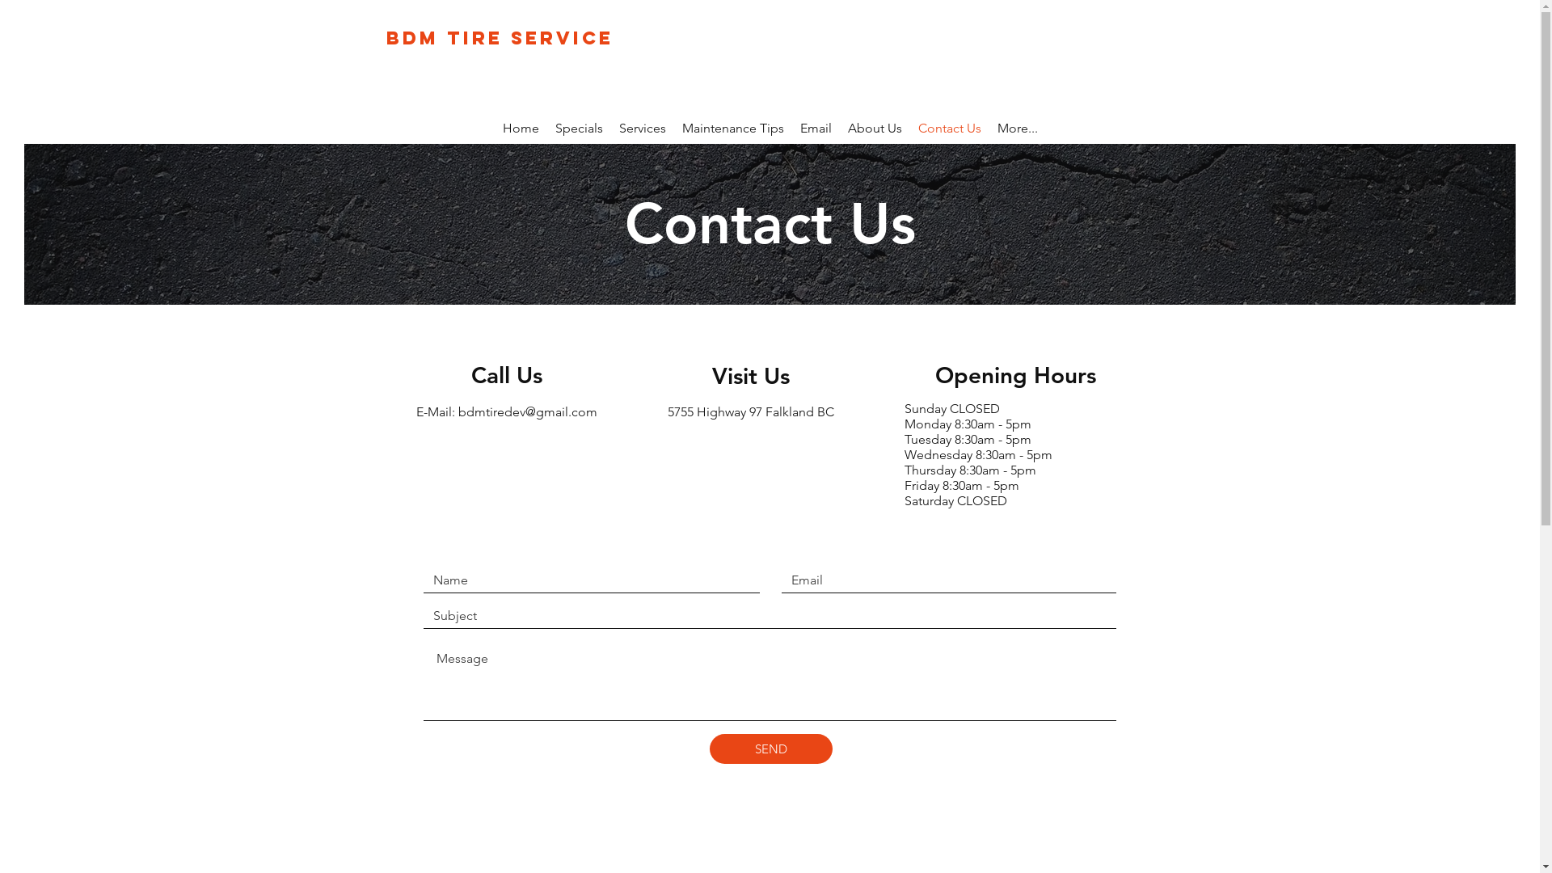  I want to click on 'SEND', so click(770, 749).